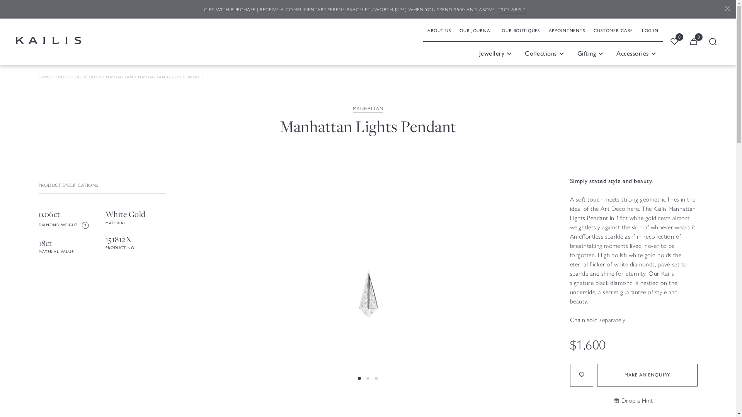 This screenshot has width=742, height=417. What do you see at coordinates (674, 42) in the screenshot?
I see `'OPEN WISHLIST` at bounding box center [674, 42].